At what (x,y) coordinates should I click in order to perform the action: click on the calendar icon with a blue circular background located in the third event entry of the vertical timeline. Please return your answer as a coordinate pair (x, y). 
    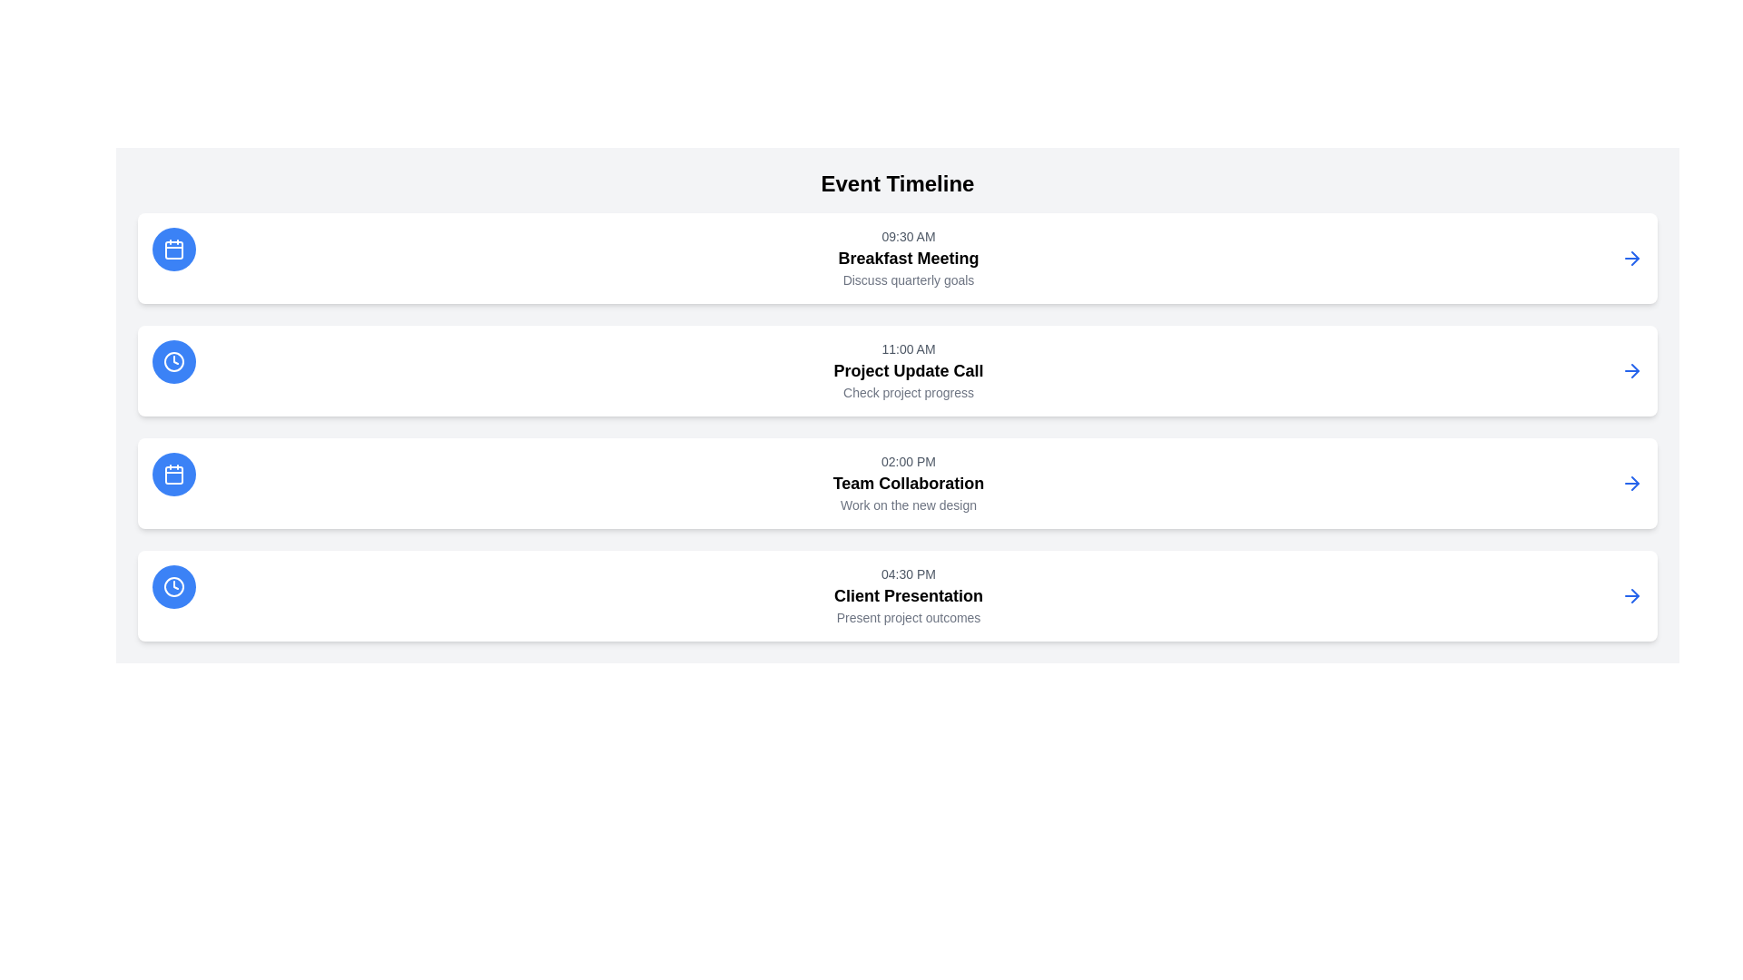
    Looking at the image, I should click on (174, 474).